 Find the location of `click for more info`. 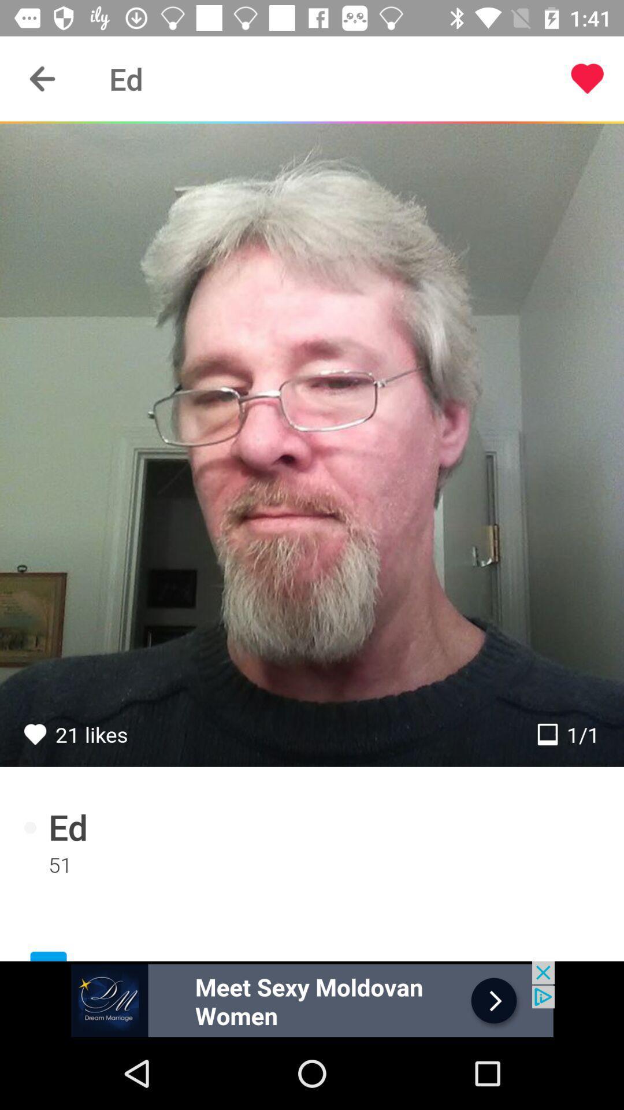

click for more info is located at coordinates (312, 998).